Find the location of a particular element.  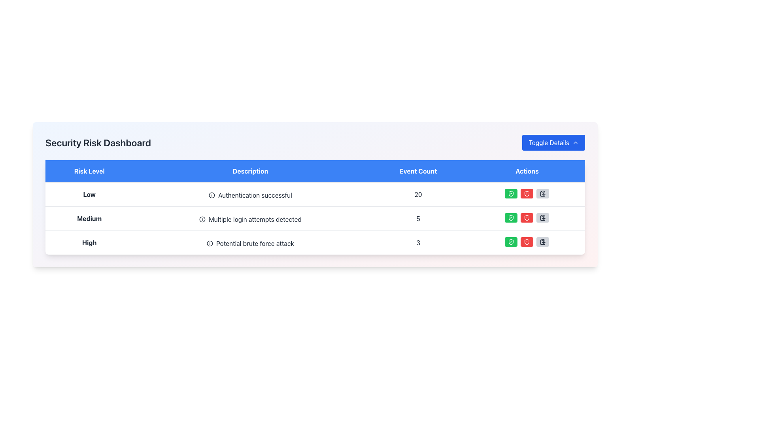

the text display that reads 'Multiple login attempts detected', which is centrally aligned in its cell and accompanied by an informational icon to the left is located at coordinates (250, 219).